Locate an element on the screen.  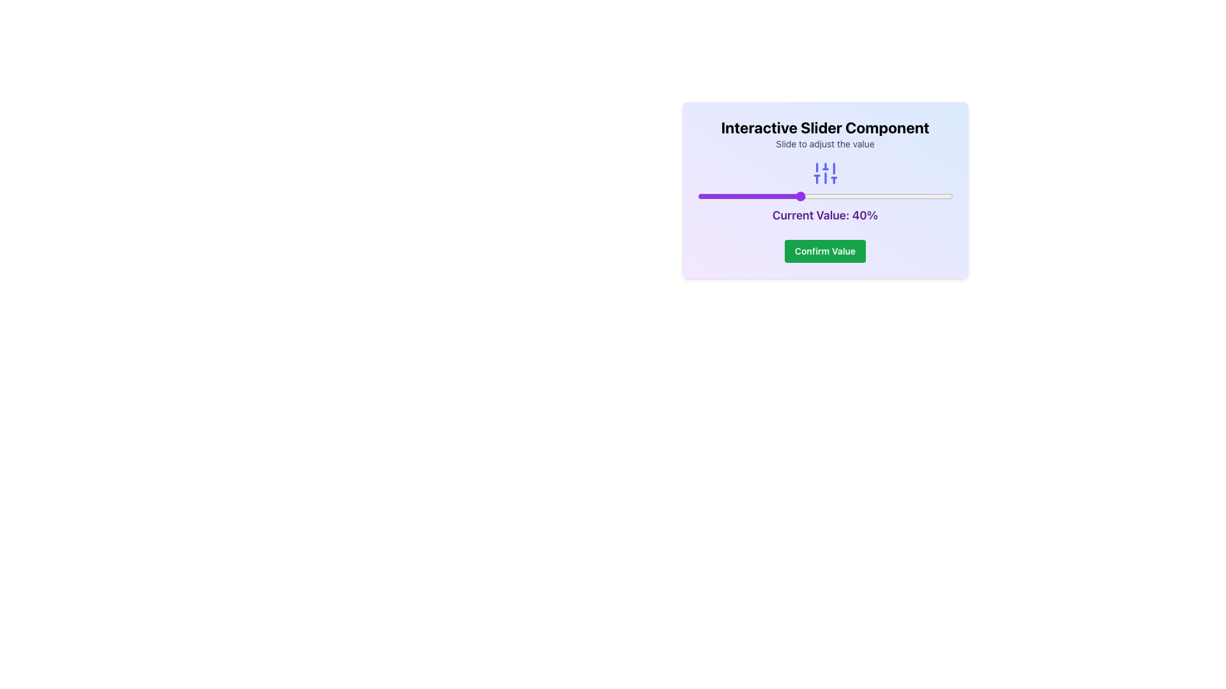
the slider is located at coordinates (922, 196).